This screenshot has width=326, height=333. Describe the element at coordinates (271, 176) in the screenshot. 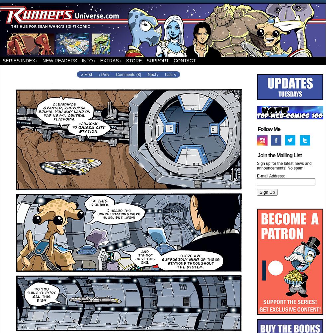

I see `'E-mail Address:'` at that location.